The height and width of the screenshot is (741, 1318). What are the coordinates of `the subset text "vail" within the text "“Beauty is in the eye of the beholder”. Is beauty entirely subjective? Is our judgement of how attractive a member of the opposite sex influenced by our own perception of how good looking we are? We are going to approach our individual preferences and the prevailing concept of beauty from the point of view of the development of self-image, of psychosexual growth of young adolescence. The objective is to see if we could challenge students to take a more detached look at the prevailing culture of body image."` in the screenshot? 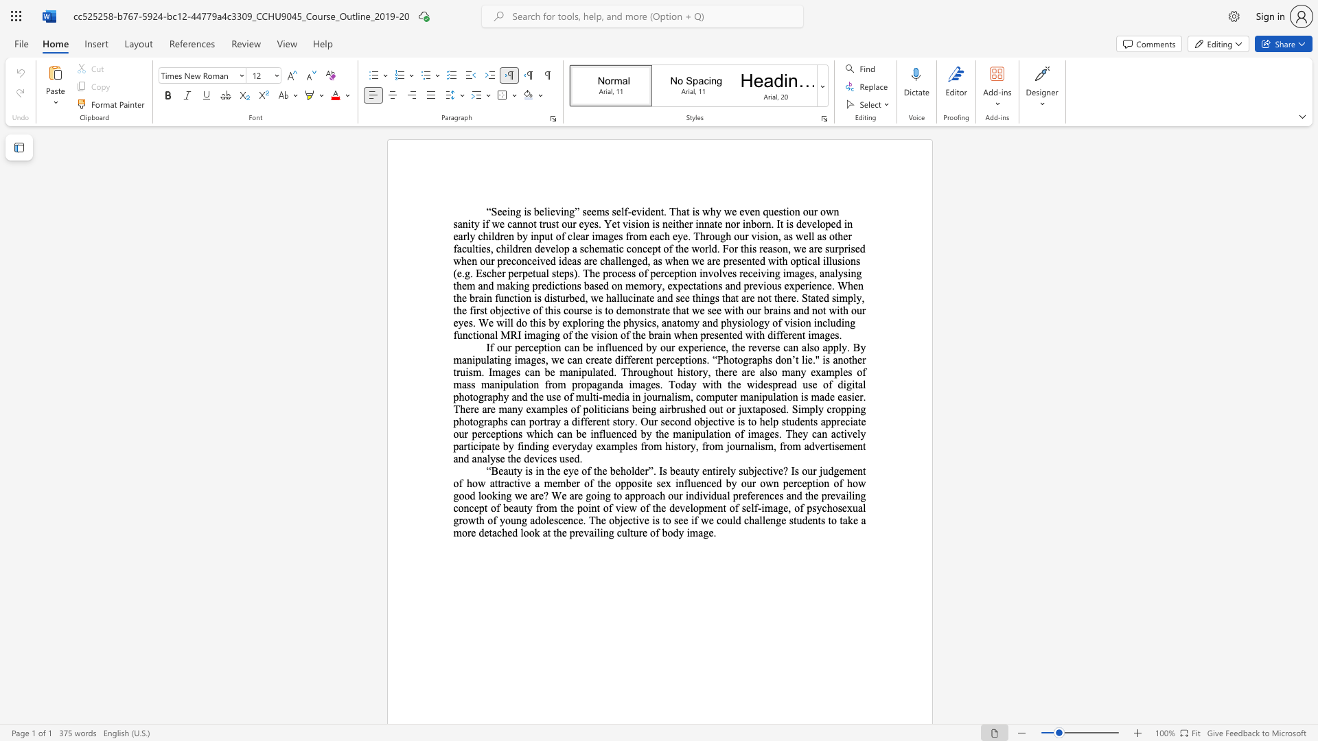 It's located at (583, 532).